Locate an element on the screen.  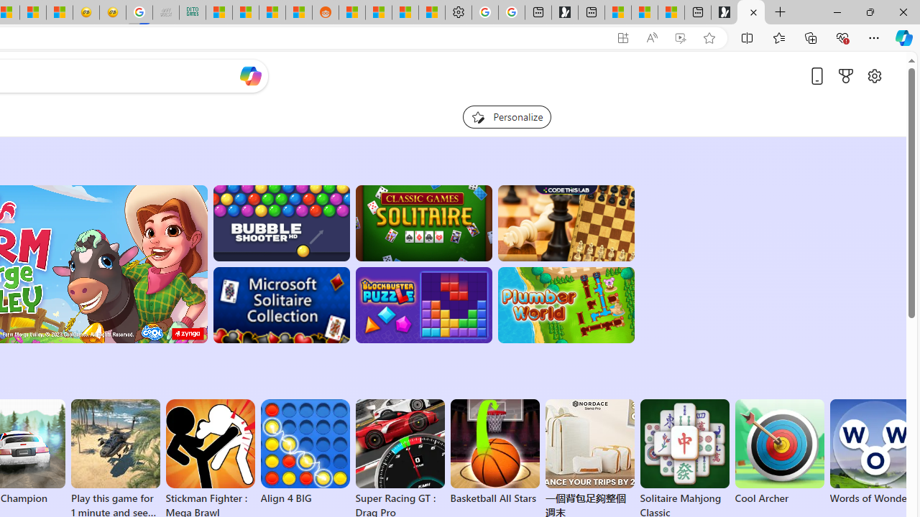
'Align 4 BIG' is located at coordinates (304, 452).